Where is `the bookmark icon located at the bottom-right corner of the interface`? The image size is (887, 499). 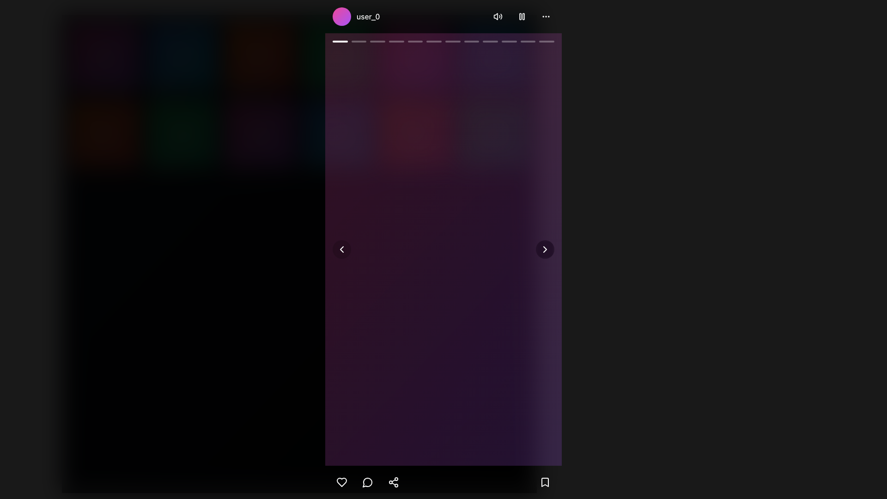
the bookmark icon located at the bottom-right corner of the interface is located at coordinates (545, 482).